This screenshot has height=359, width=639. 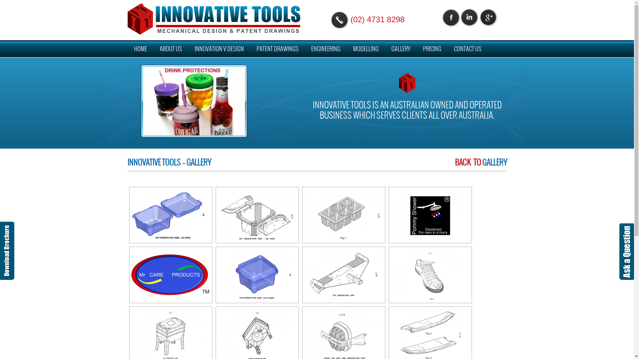 What do you see at coordinates (470, 17) in the screenshot?
I see `'Linkedin'` at bounding box center [470, 17].